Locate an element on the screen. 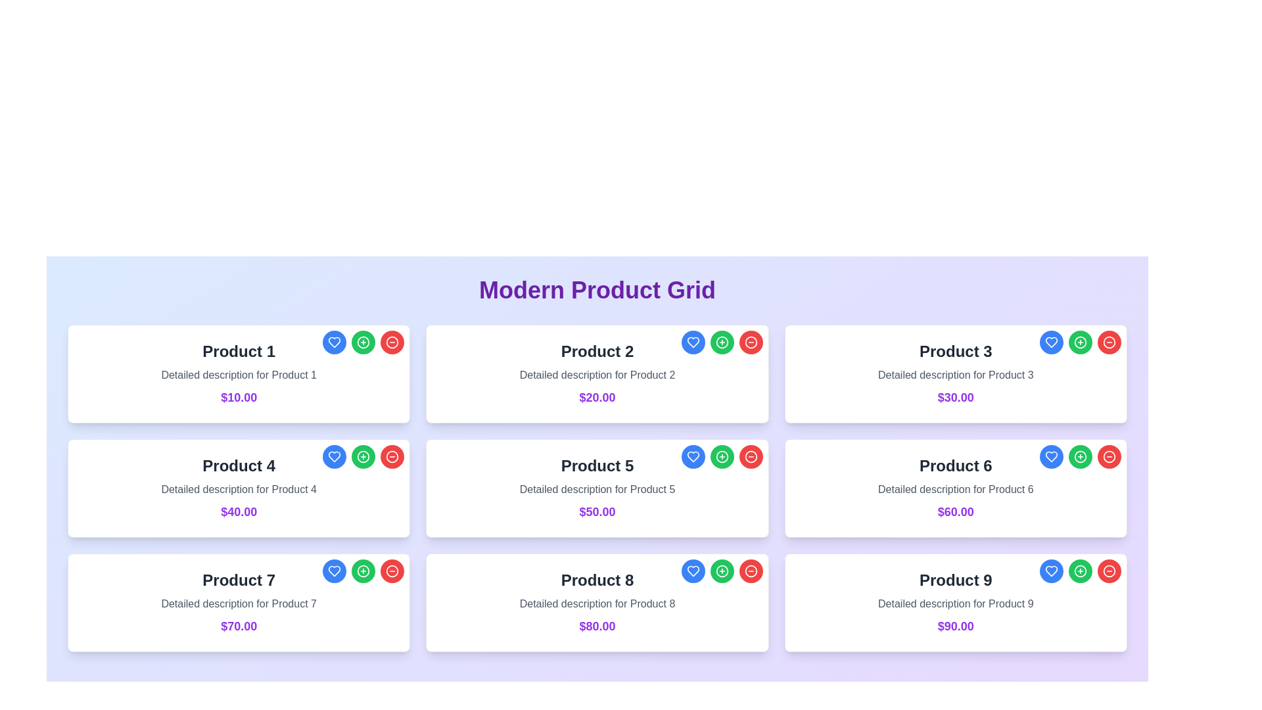 The width and height of the screenshot is (1262, 710). the Product Card representing 'Product 3' is located at coordinates (956, 374).